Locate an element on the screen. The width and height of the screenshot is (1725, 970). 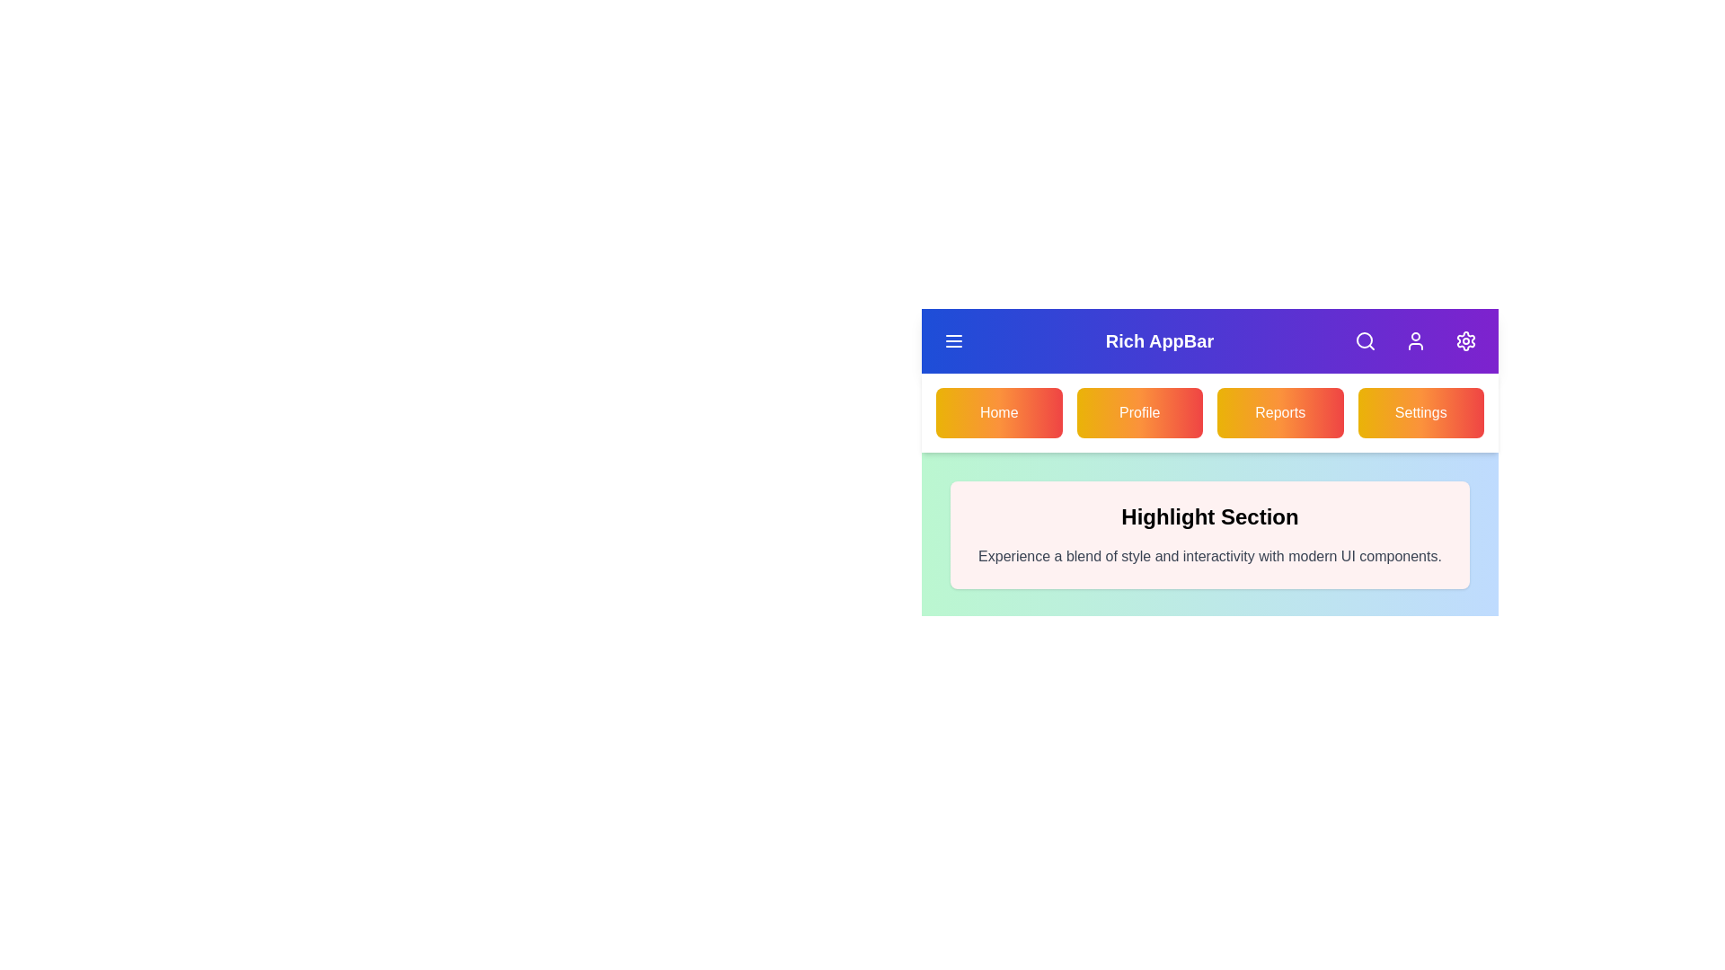
the button labeled Home to observe its hover effect is located at coordinates (998, 412).